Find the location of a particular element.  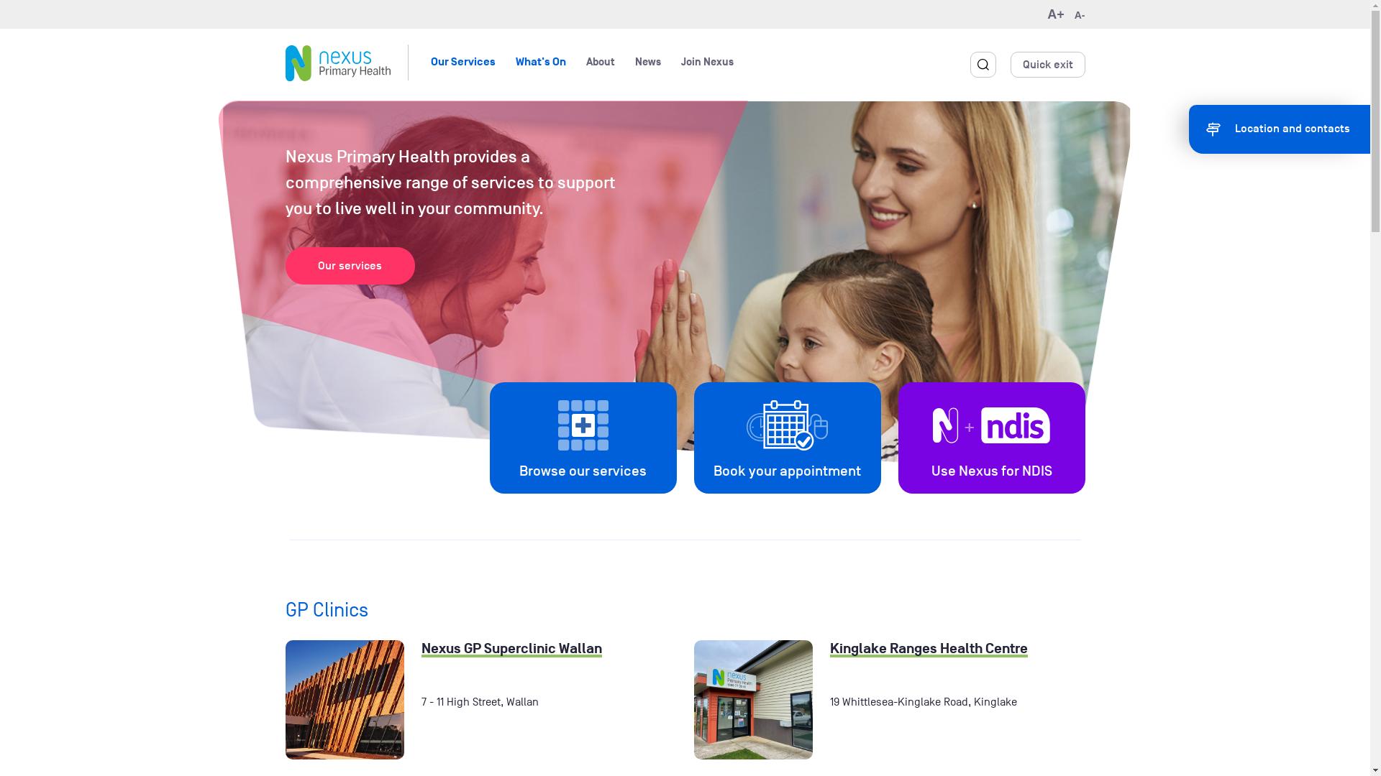

'Location and contacts' is located at coordinates (1280, 129).